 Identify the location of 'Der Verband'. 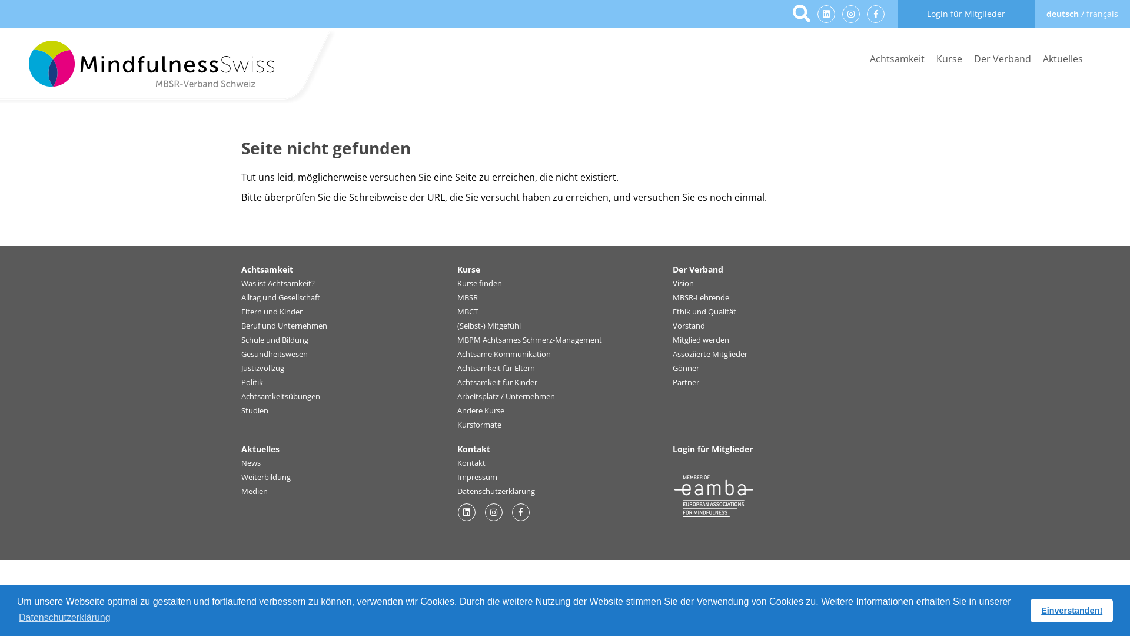
(1002, 59).